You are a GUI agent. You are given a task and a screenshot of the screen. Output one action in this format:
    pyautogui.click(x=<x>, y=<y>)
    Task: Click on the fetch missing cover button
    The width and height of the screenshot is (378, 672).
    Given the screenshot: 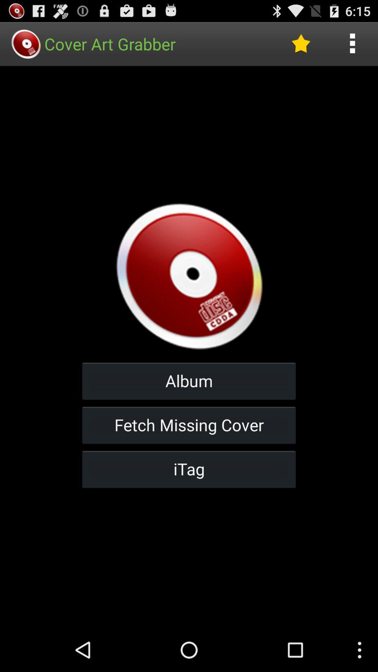 What is the action you would take?
    pyautogui.click(x=189, y=425)
    